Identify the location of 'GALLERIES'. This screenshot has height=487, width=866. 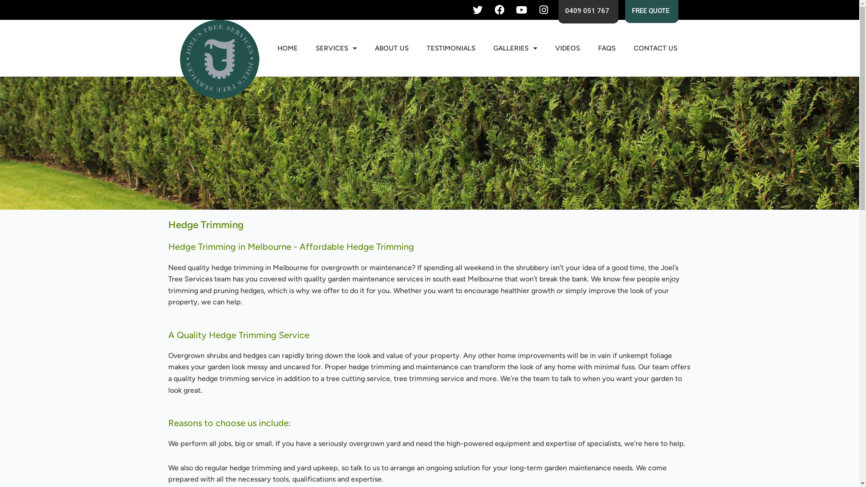
(515, 48).